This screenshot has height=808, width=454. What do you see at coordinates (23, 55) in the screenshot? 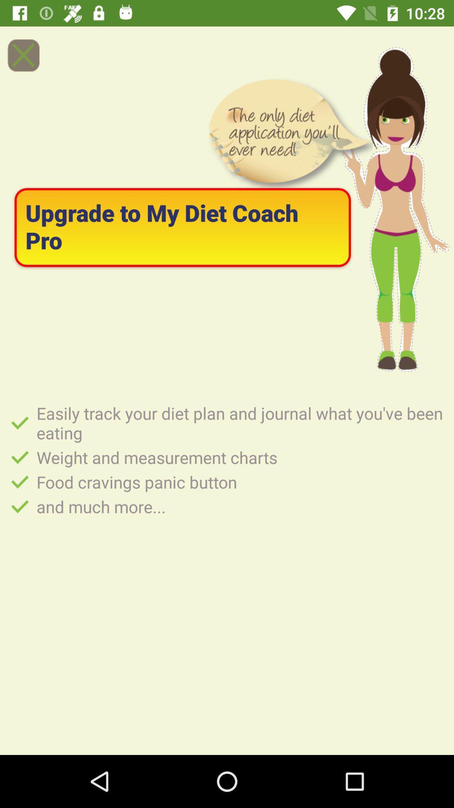
I see `item above upgrade to my icon` at bounding box center [23, 55].